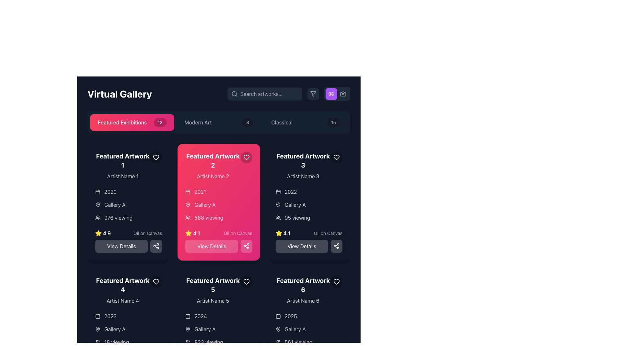  Describe the element at coordinates (115, 205) in the screenshot. I see `the Text label indicating the gallery or venue associated with the artwork in the leftmost card of the 'Featured Artworks' section` at that location.